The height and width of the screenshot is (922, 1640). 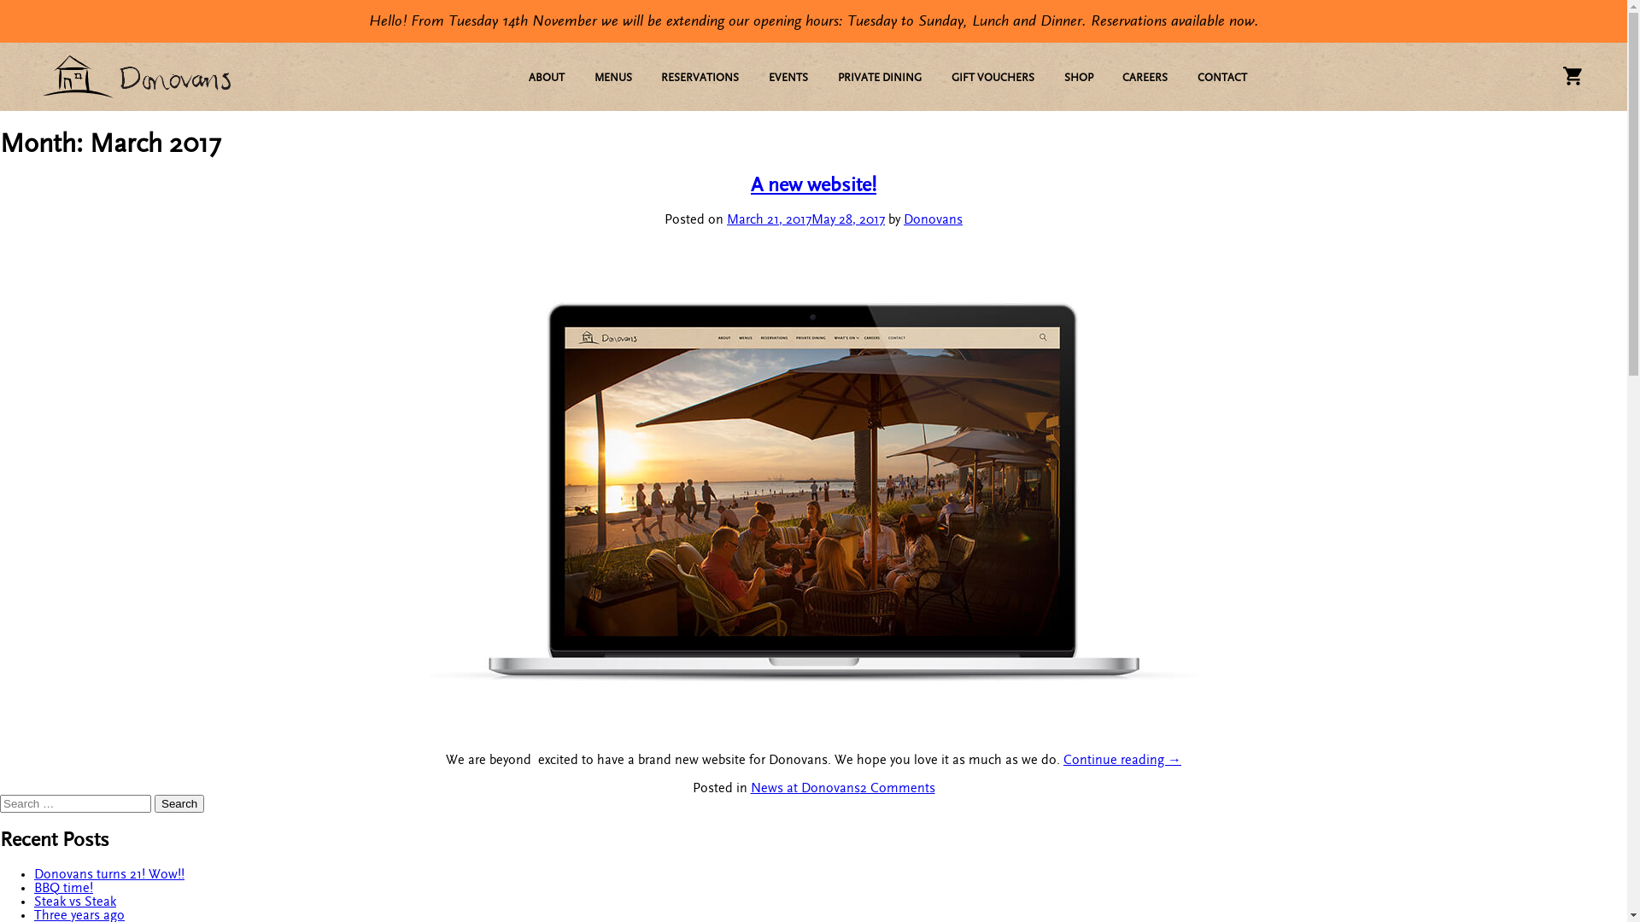 I want to click on 'News at Donovans', so click(x=803, y=787).